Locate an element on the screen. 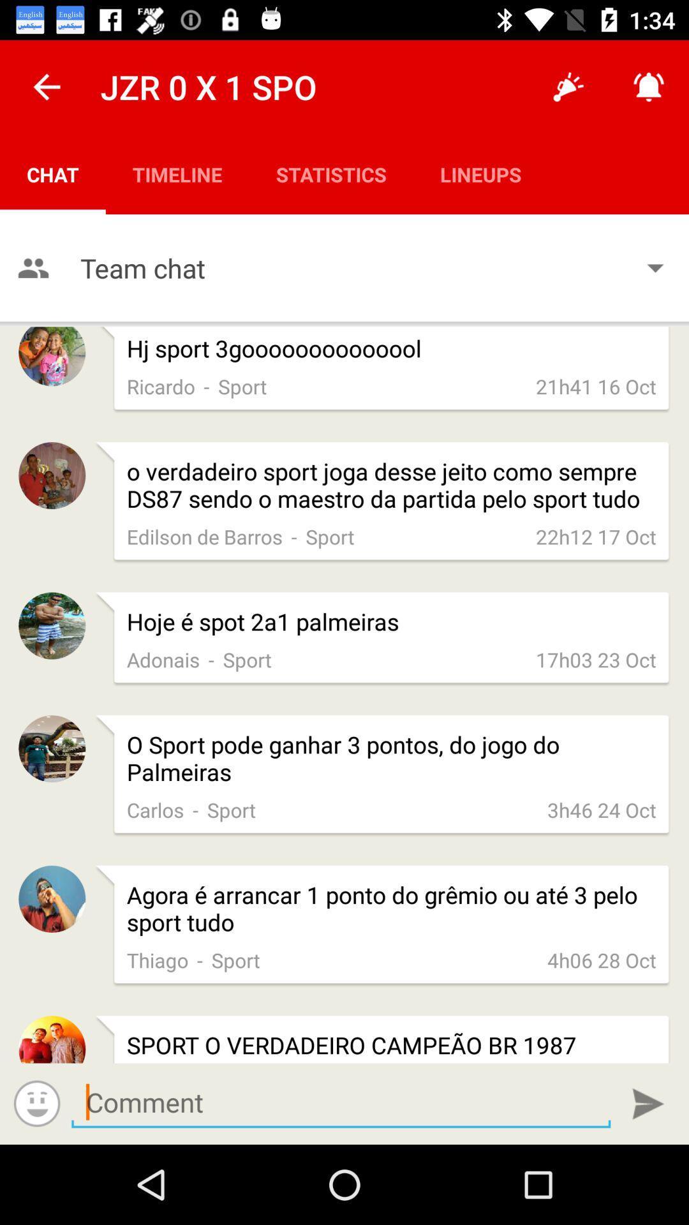 The image size is (689, 1225). icon above chat item is located at coordinates (46, 86).